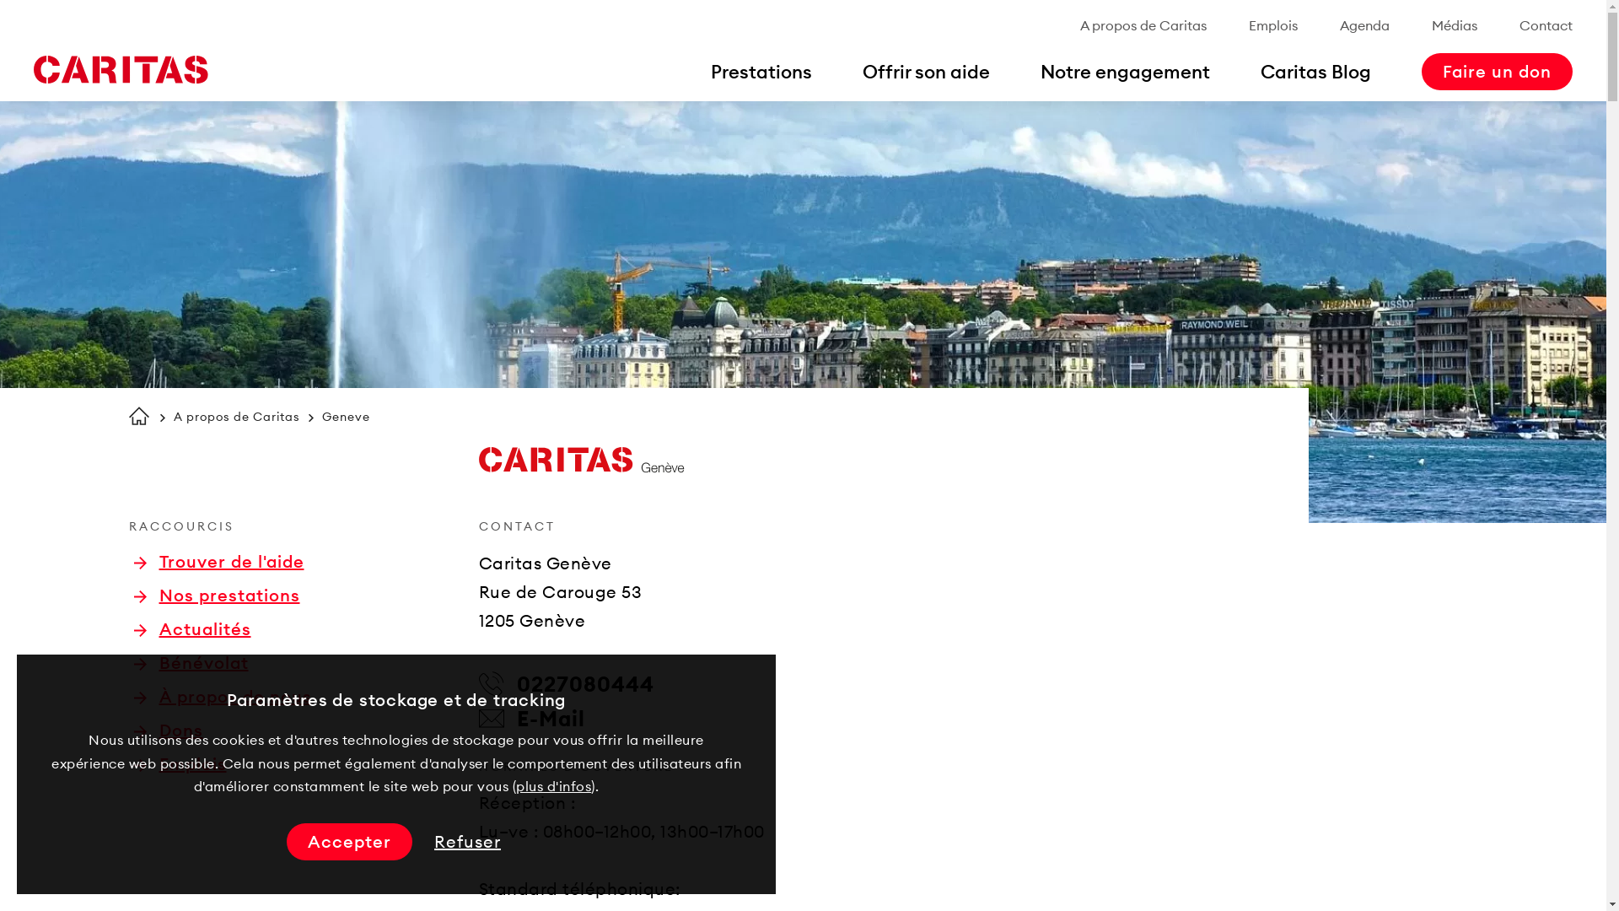  Describe the element at coordinates (1315, 70) in the screenshot. I see `'Caritas Blog'` at that location.